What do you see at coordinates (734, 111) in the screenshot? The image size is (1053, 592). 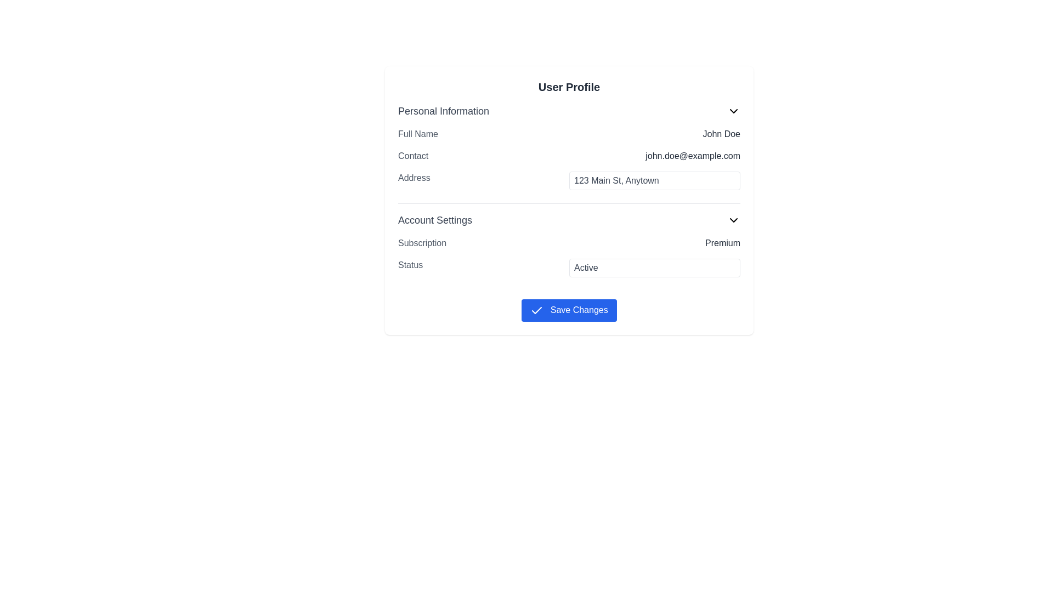 I see `the Chevron icon toggle located in the top-right corner of the 'Personal Information' header section` at bounding box center [734, 111].